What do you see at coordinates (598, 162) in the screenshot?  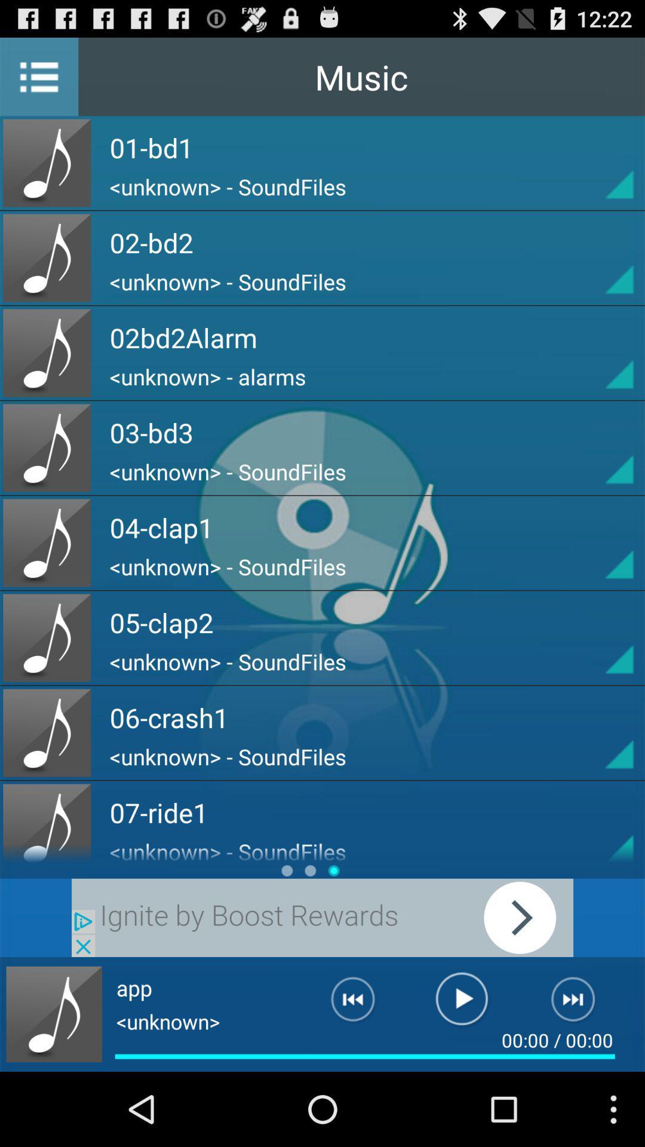 I see `play` at bounding box center [598, 162].